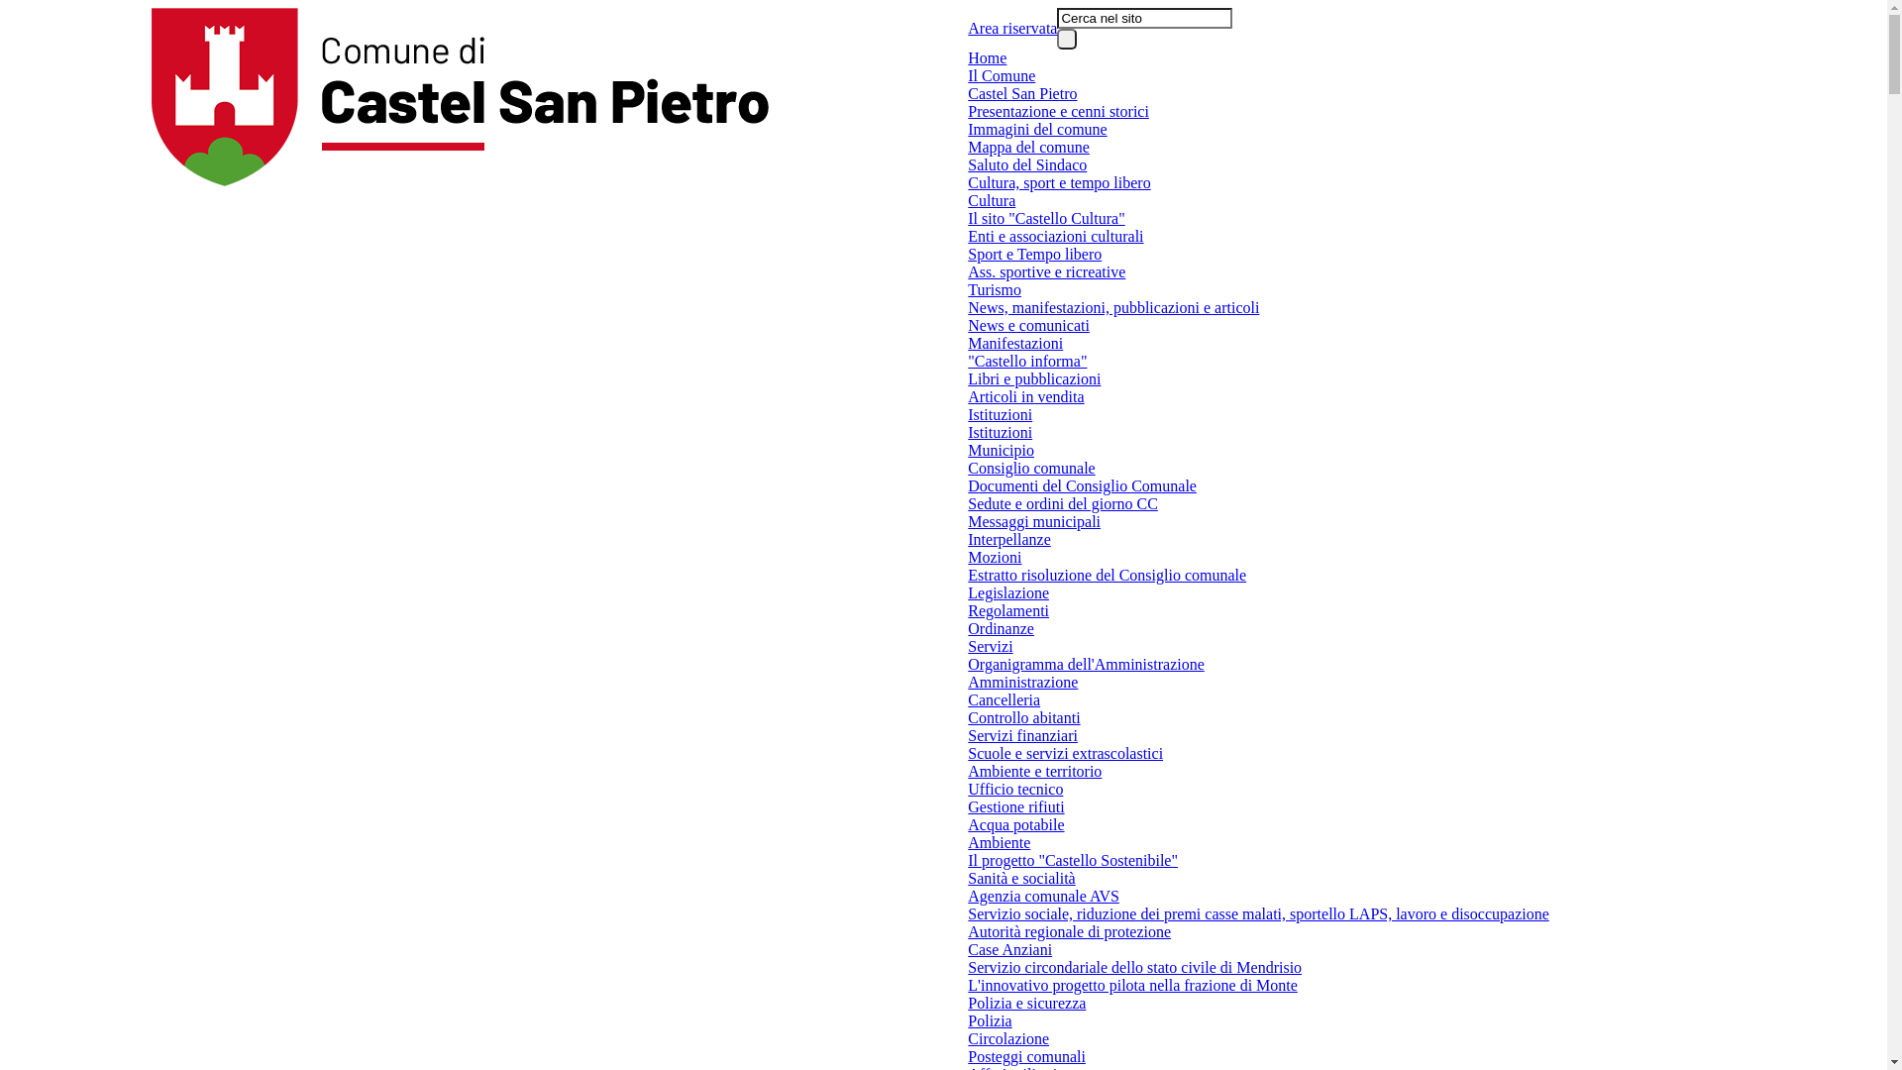 This screenshot has height=1070, width=1902. Describe the element at coordinates (1025, 397) in the screenshot. I see `'Articoli in vendita'` at that location.